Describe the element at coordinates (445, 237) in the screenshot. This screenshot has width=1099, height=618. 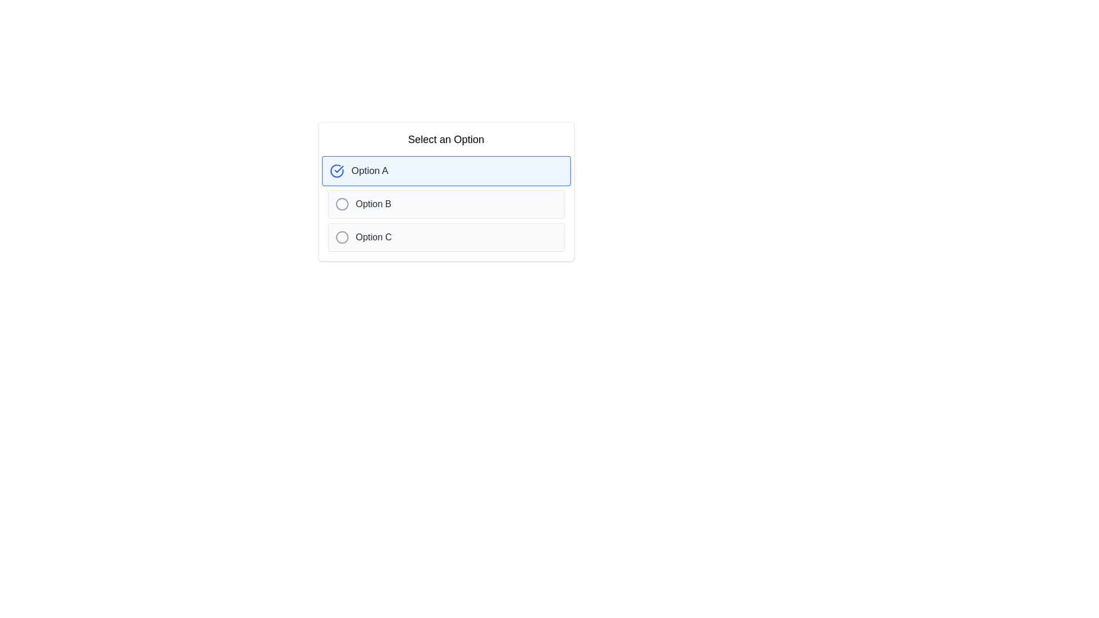
I see `the third radio button option in the selection group located below 'Option B'` at that location.